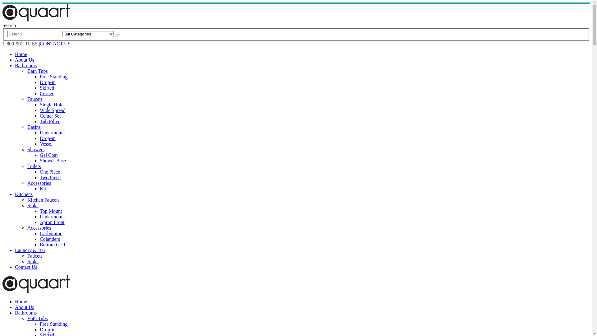 The height and width of the screenshot is (336, 597). Describe the element at coordinates (48, 155) in the screenshot. I see `'Gel Coat'` at that location.